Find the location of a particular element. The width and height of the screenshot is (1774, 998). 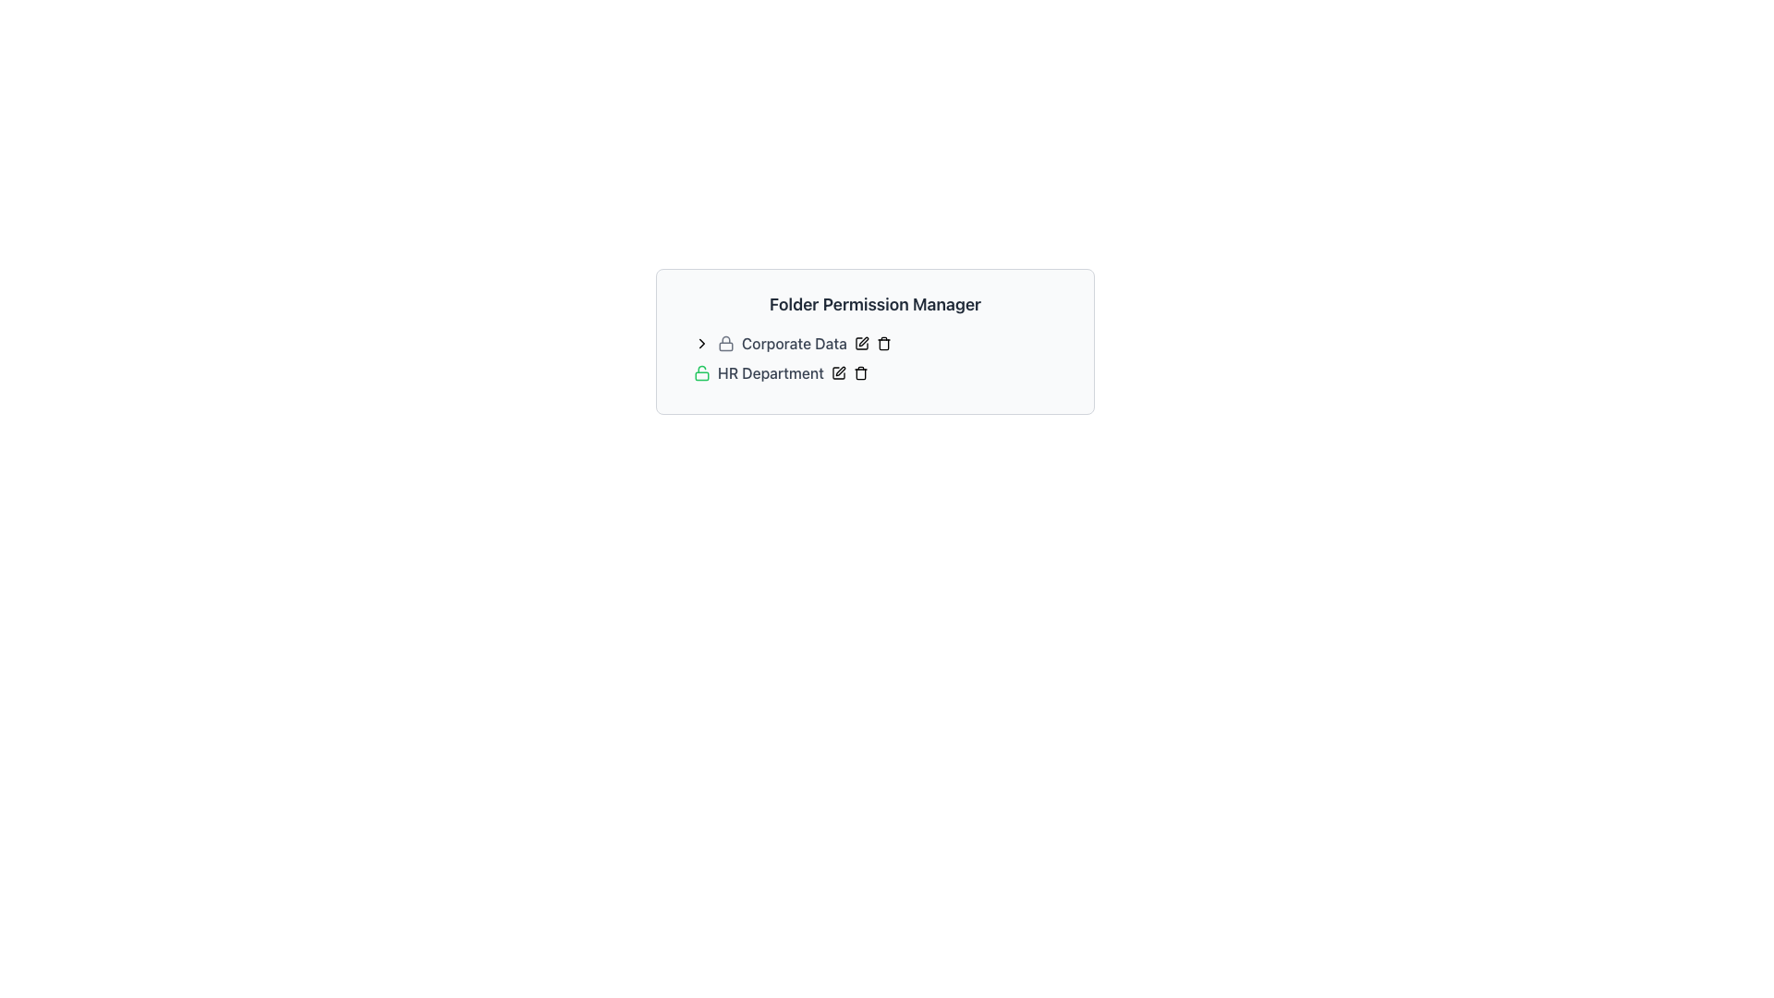

the delete icon for the 'Corporate Data' entry, which is the rightmost element in its row is located at coordinates (882, 345).